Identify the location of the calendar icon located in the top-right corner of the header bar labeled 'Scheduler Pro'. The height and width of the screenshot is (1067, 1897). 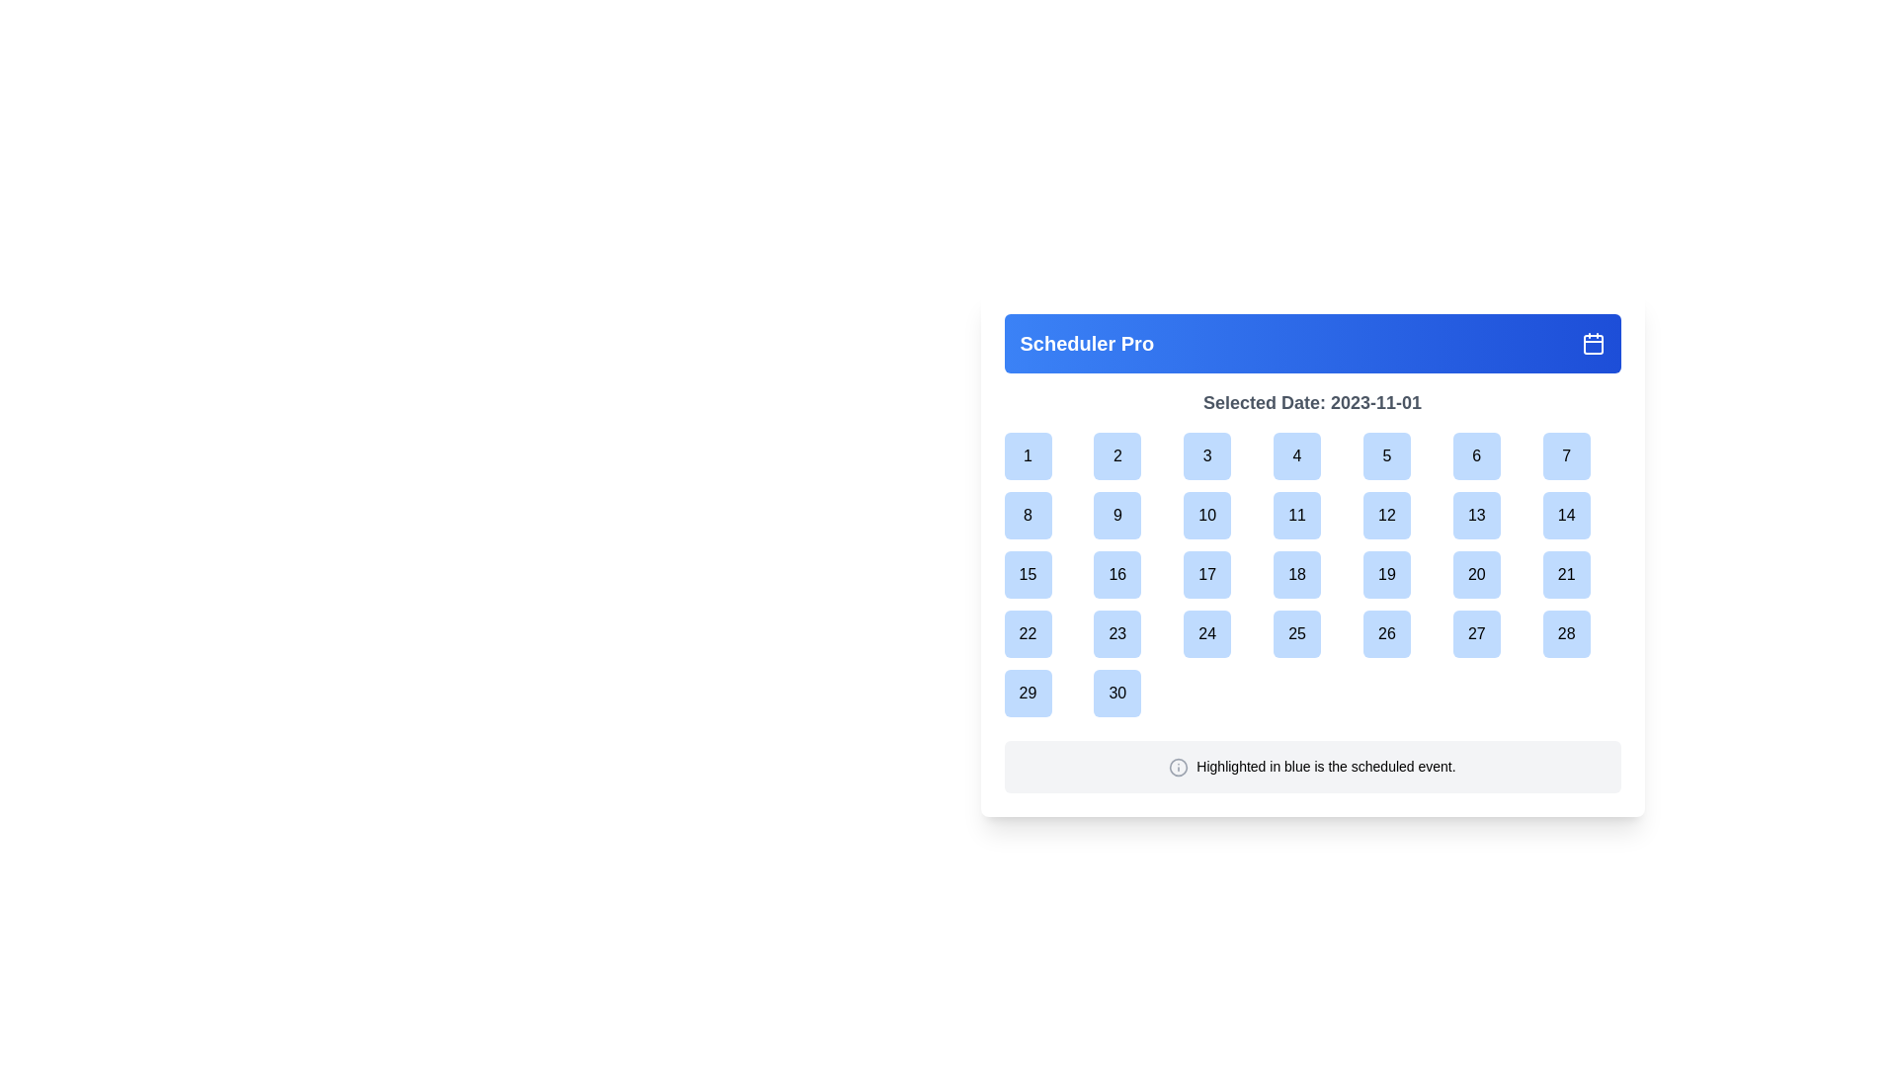
(1593, 342).